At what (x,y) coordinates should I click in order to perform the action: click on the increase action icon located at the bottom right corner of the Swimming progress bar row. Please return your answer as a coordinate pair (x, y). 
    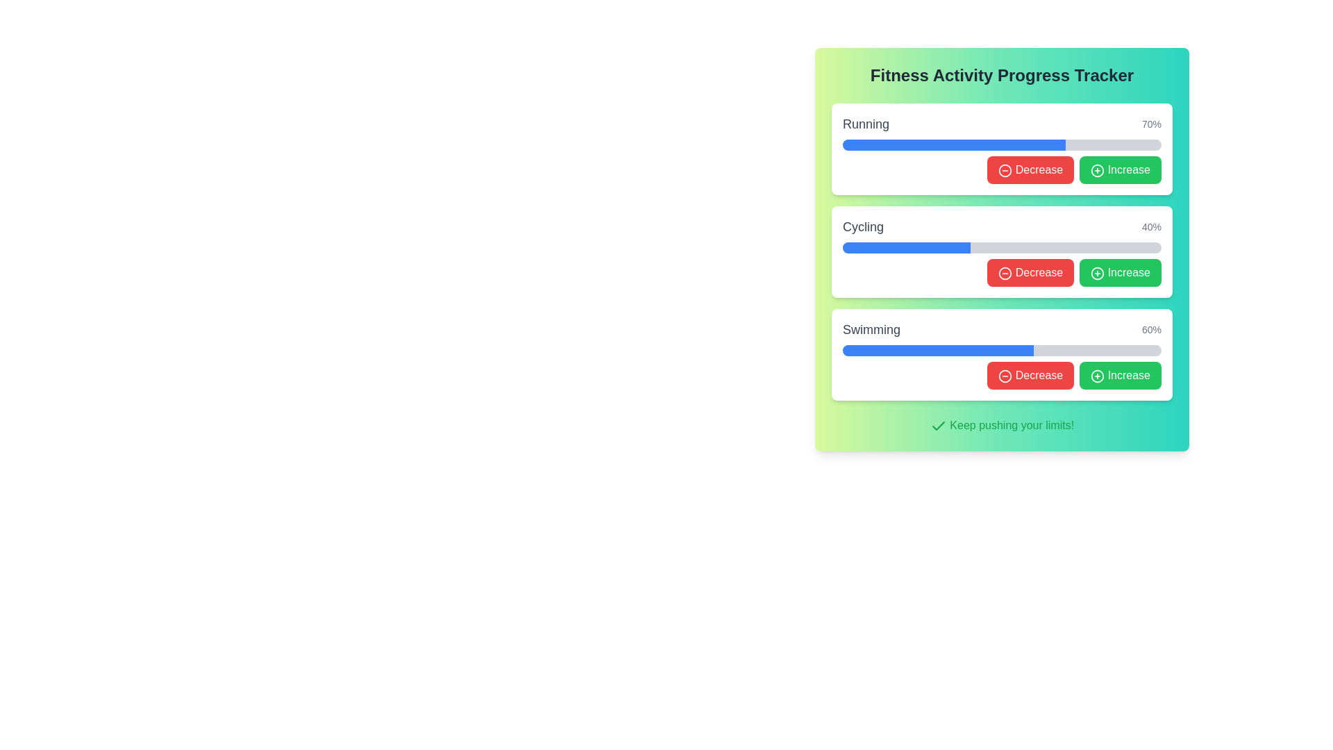
    Looking at the image, I should click on (1097, 376).